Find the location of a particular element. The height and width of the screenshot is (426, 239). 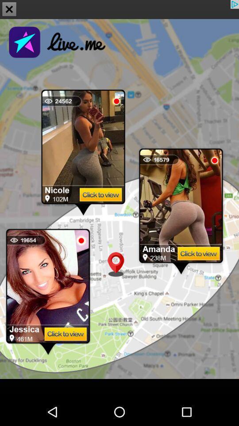

the close icon is located at coordinates (9, 9).